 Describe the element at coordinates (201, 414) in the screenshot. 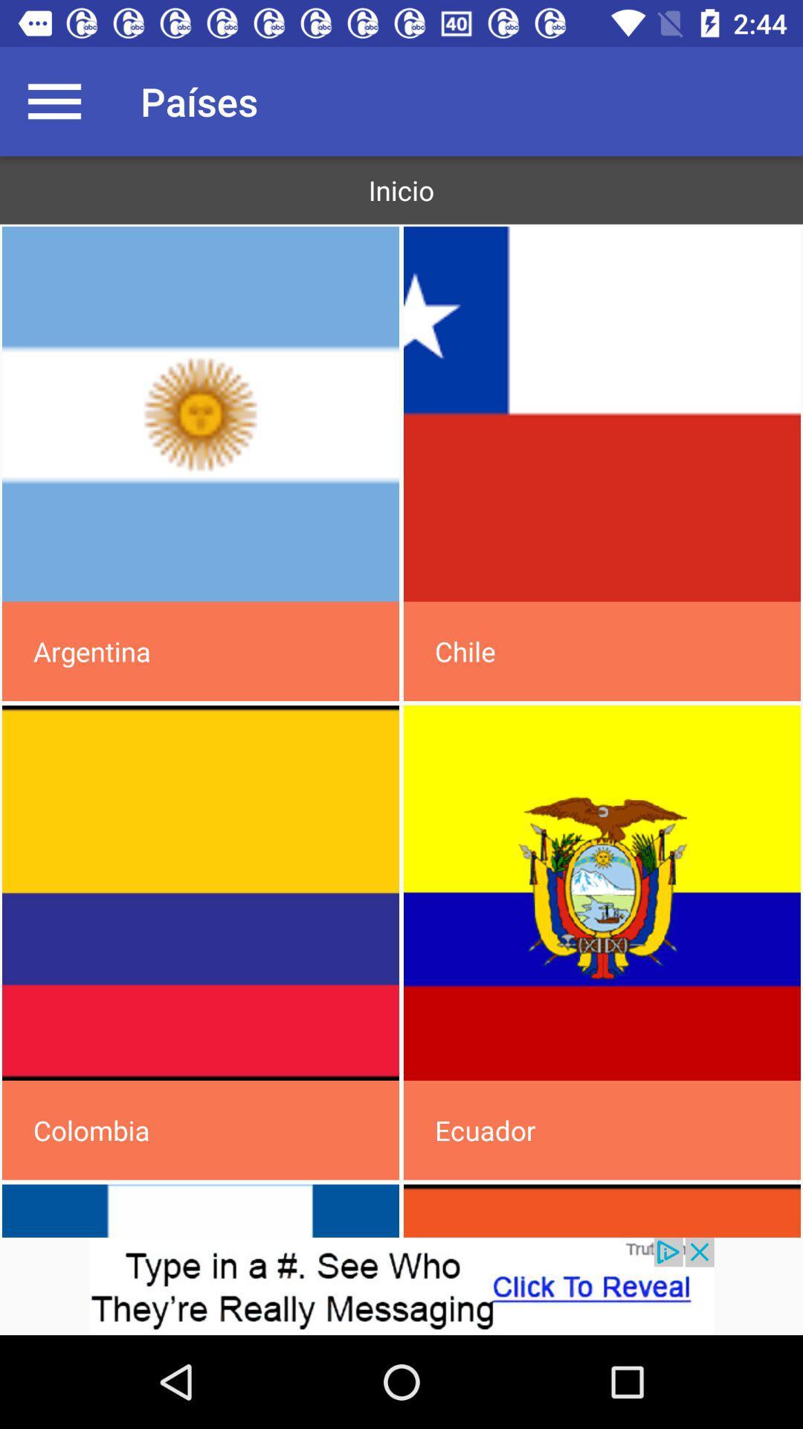

I see `autoplay option` at that location.